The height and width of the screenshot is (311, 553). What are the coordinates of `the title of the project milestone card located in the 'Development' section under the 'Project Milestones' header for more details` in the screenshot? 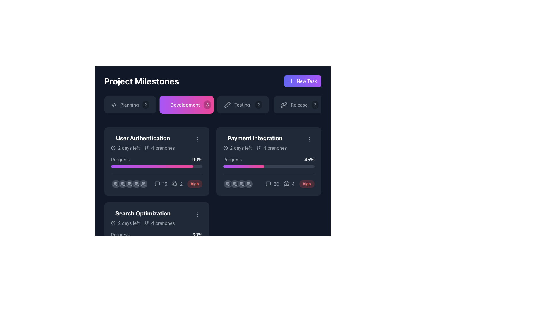 It's located at (157, 143).